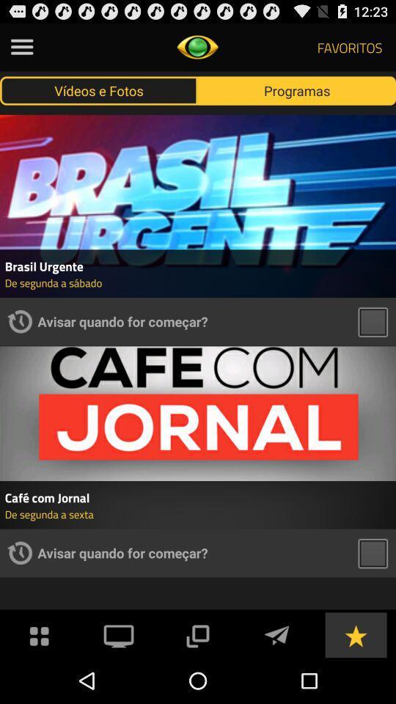  Describe the element at coordinates (21, 50) in the screenshot. I see `the menu icon` at that location.